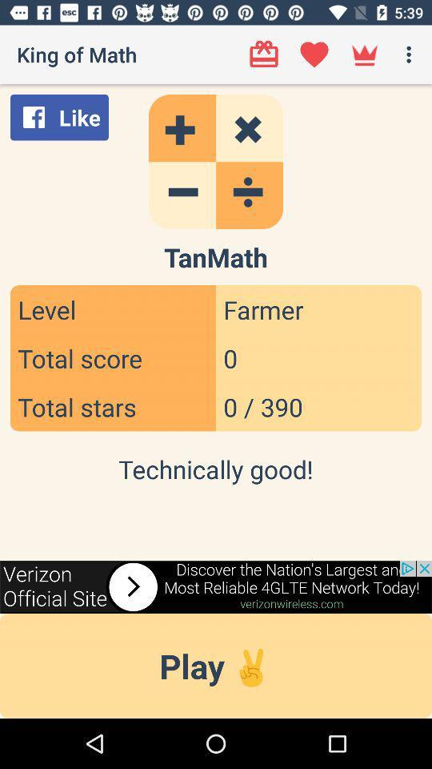 The width and height of the screenshot is (432, 769). Describe the element at coordinates (216, 586) in the screenshot. I see `open the advertisement` at that location.